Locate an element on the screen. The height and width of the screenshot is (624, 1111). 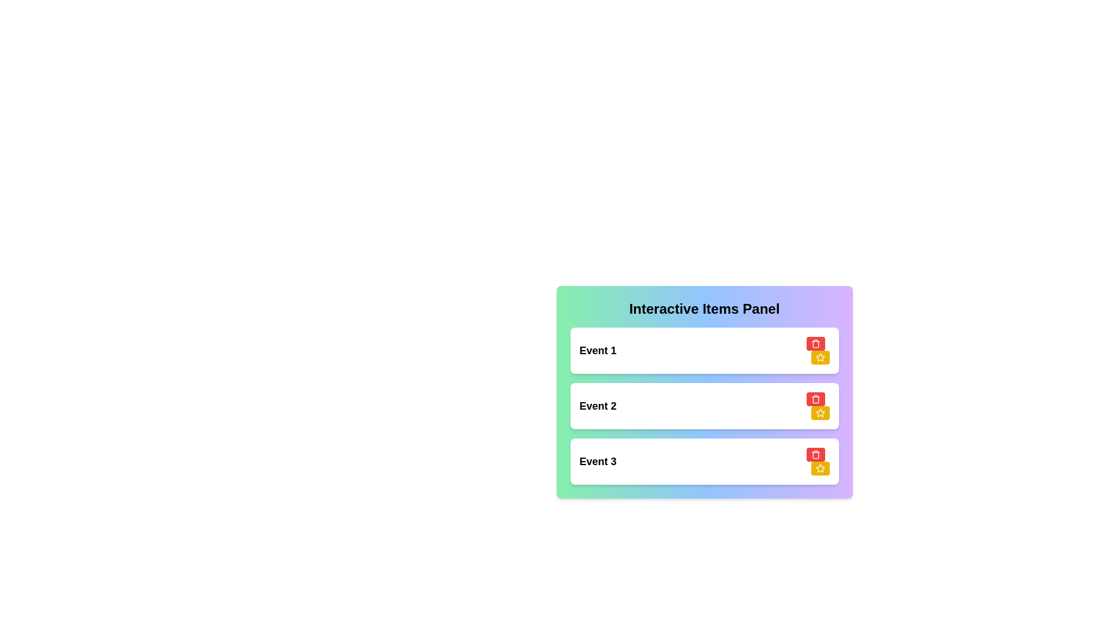
the yellow button with a star icon, which is the rightmost item is located at coordinates (819, 412).